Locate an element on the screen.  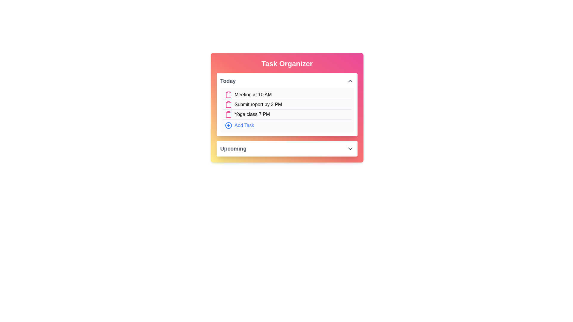
the circular gray icon with a '+' symbol inside, located to the left of the 'Add Task' text in the 'Today' section of the 'Task Organizer' interface is located at coordinates (228, 125).